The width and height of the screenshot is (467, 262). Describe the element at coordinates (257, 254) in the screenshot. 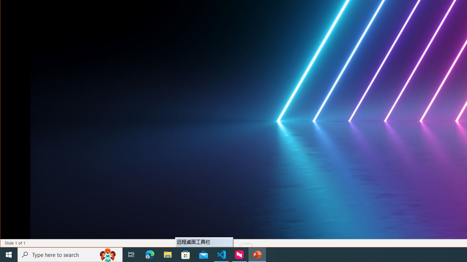

I see `'PowerPoint - 1 running window'` at that location.